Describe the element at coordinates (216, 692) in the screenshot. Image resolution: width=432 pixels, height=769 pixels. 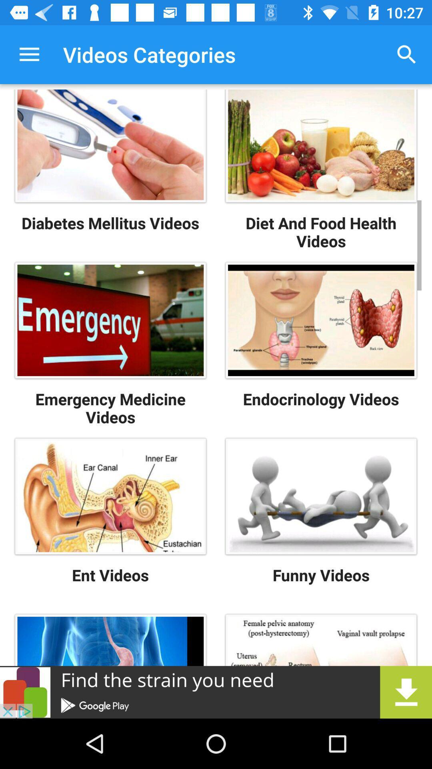
I see `download the app` at that location.